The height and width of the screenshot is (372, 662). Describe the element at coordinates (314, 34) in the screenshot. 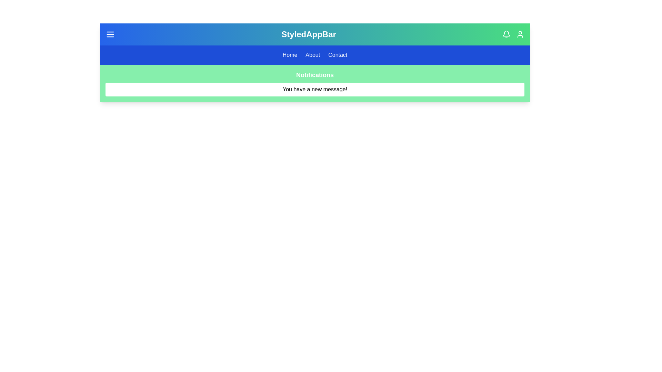

I see `the interactive elements located within the Header Bar, which spans the topmost section of the interface and includes branding and navigation icons` at that location.